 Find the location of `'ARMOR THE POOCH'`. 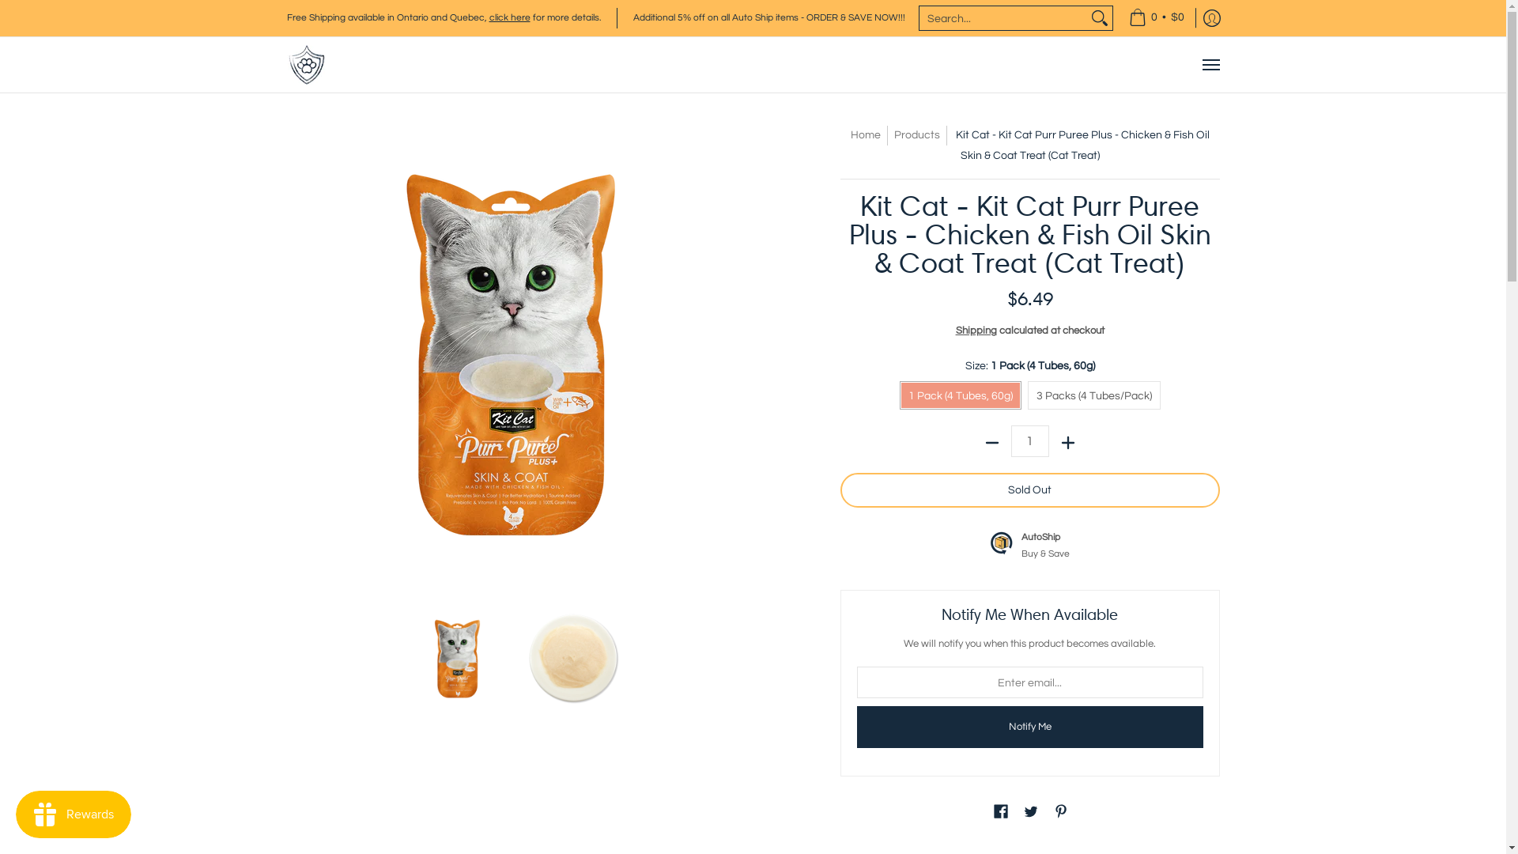

'ARMOR THE POOCH' is located at coordinates (306, 63).